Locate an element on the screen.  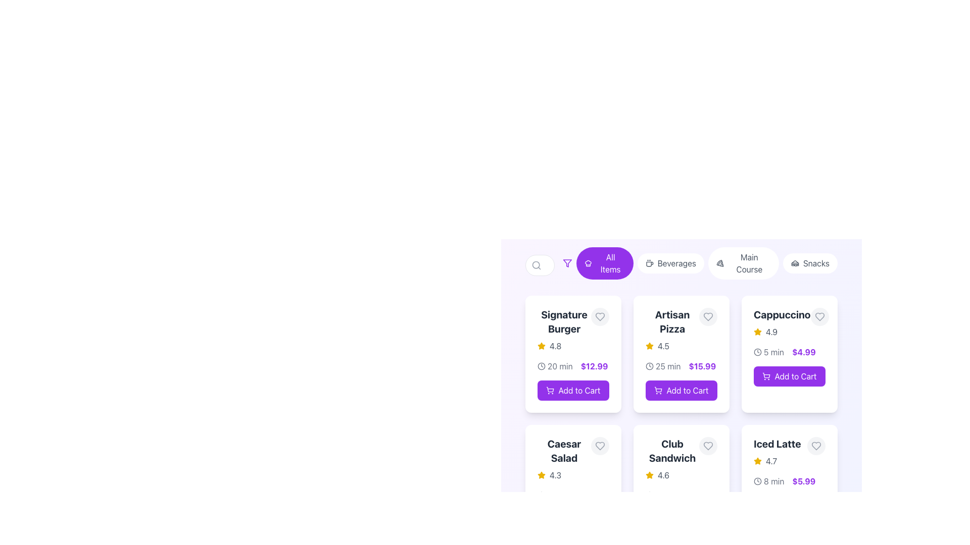
the price text label that displays the cost of the associated product, located to the right of the '20 min' text label in the first column of the grid layout under the 'Signature Burger' card is located at coordinates (594, 366).